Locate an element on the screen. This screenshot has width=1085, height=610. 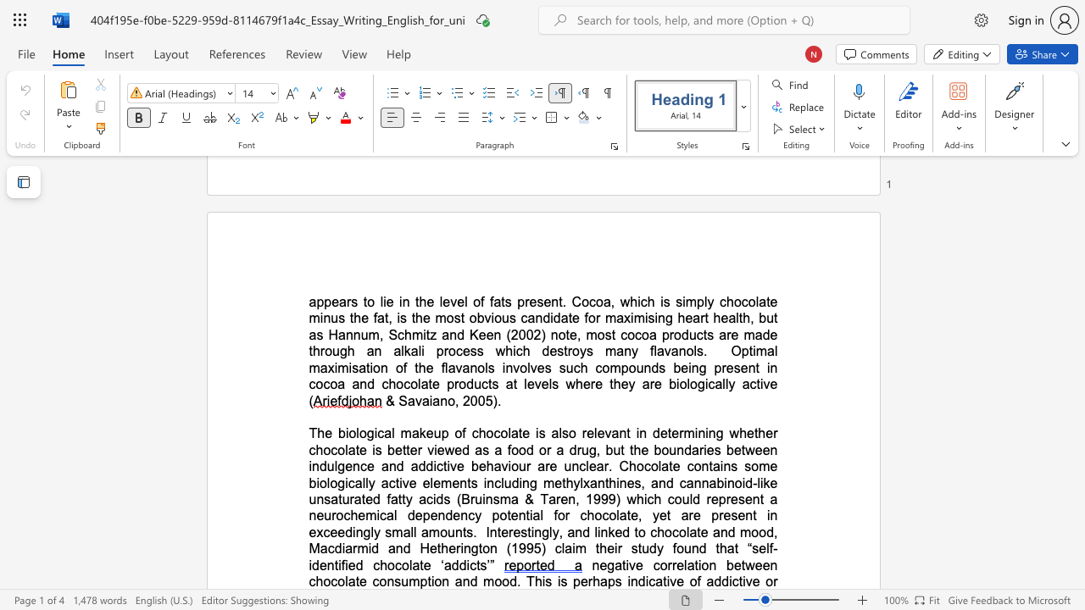
the subset text "ndicati" within the text "perhaps indicative" is located at coordinates (629, 580).